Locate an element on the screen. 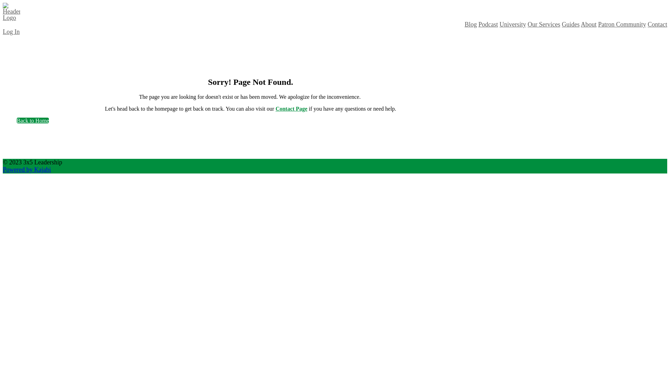 This screenshot has width=670, height=377. 'Back to Home' is located at coordinates (32, 120).